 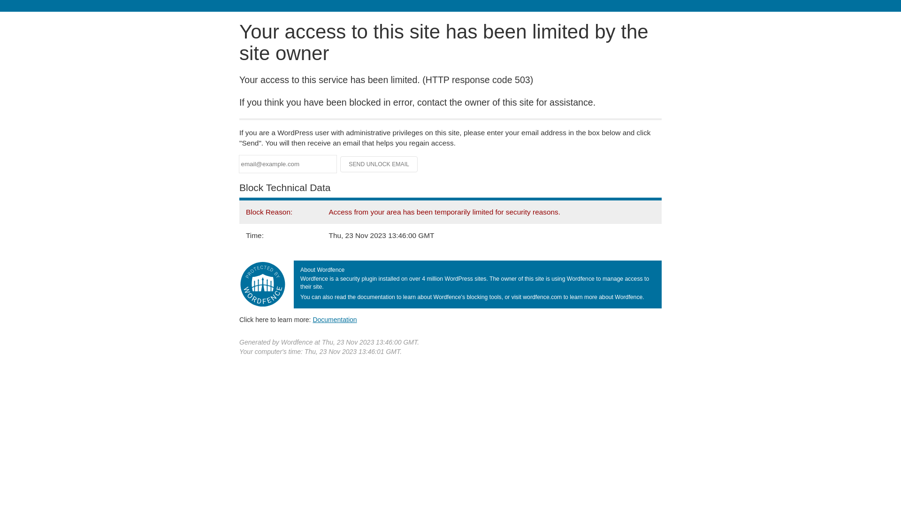 I want to click on 'Send Unlock Email', so click(x=379, y=164).